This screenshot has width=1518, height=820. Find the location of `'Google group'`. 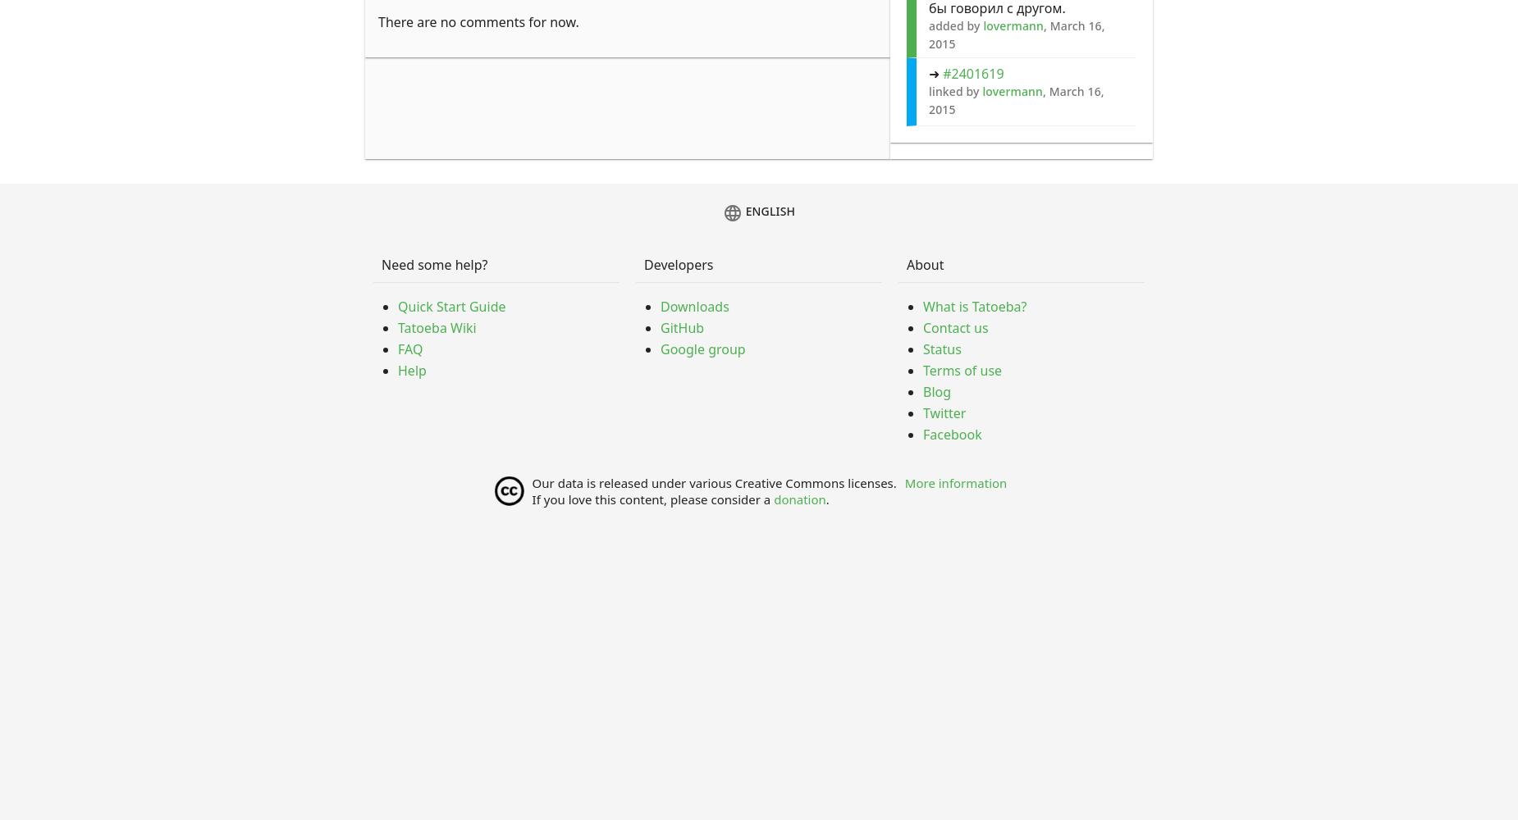

'Google group' is located at coordinates (702, 349).